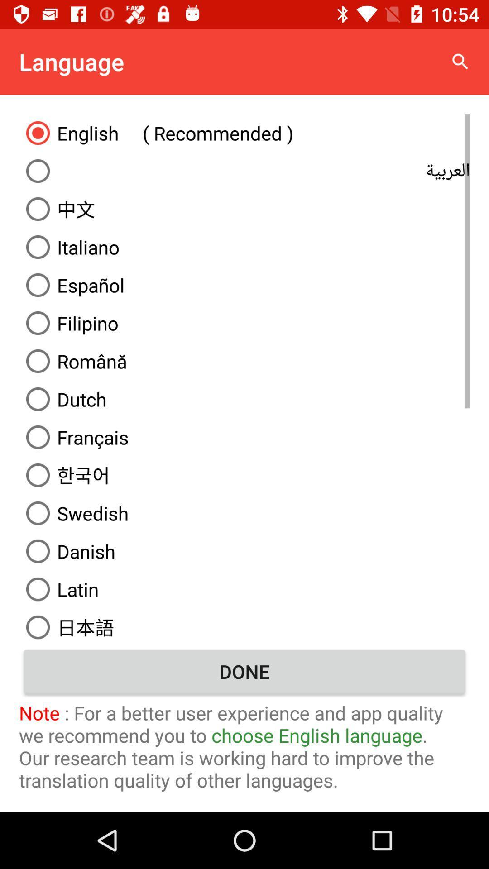 This screenshot has height=869, width=489. I want to click on the icon above the filipino icon, so click(244, 284).